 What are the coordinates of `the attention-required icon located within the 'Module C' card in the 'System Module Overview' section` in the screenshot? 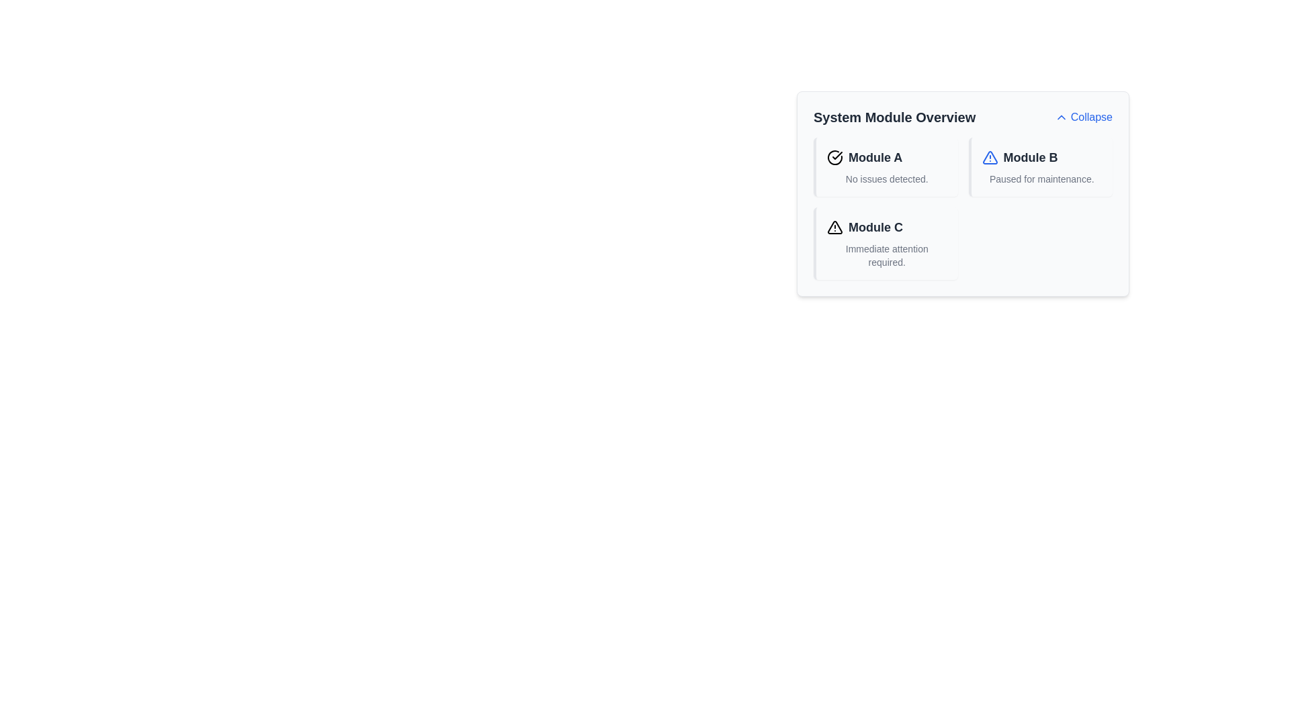 It's located at (834, 227).